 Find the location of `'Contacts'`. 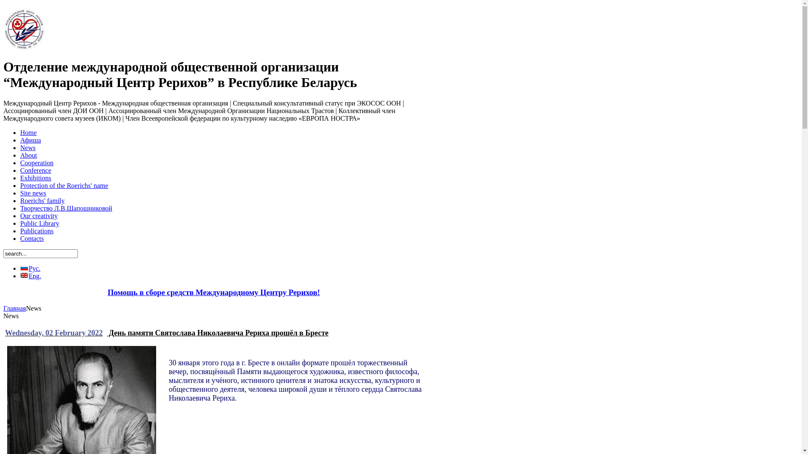

'Contacts' is located at coordinates (32, 238).